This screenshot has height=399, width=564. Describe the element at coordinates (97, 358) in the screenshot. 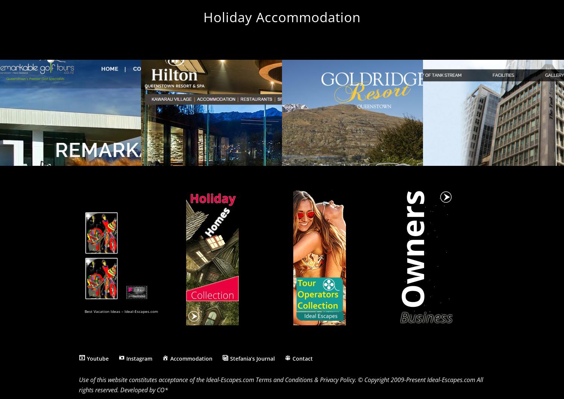

I see `'Youtube'` at that location.